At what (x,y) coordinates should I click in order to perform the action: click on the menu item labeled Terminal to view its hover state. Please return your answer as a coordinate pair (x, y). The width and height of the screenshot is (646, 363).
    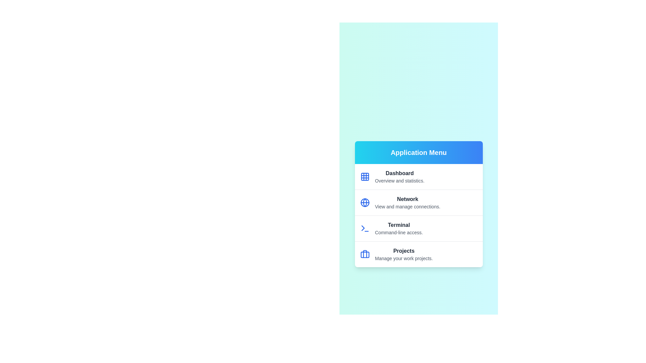
    Looking at the image, I should click on (418, 228).